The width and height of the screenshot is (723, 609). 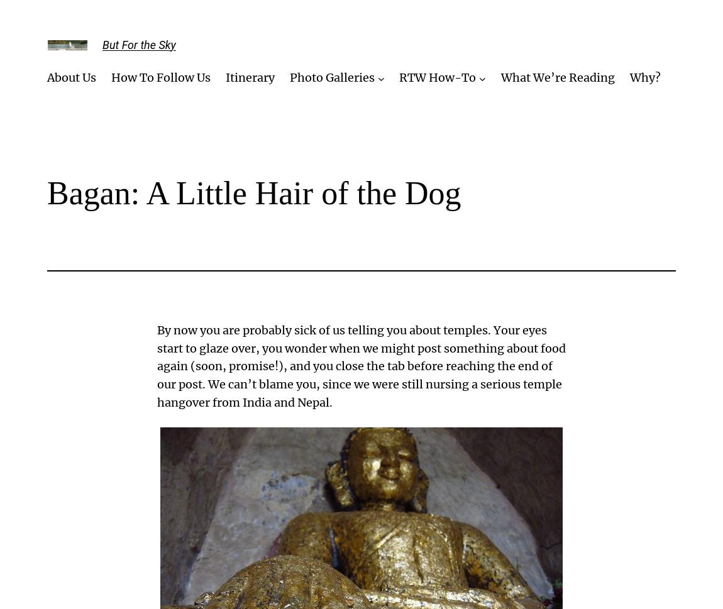 I want to click on 'How To Follow Us', so click(x=160, y=77).